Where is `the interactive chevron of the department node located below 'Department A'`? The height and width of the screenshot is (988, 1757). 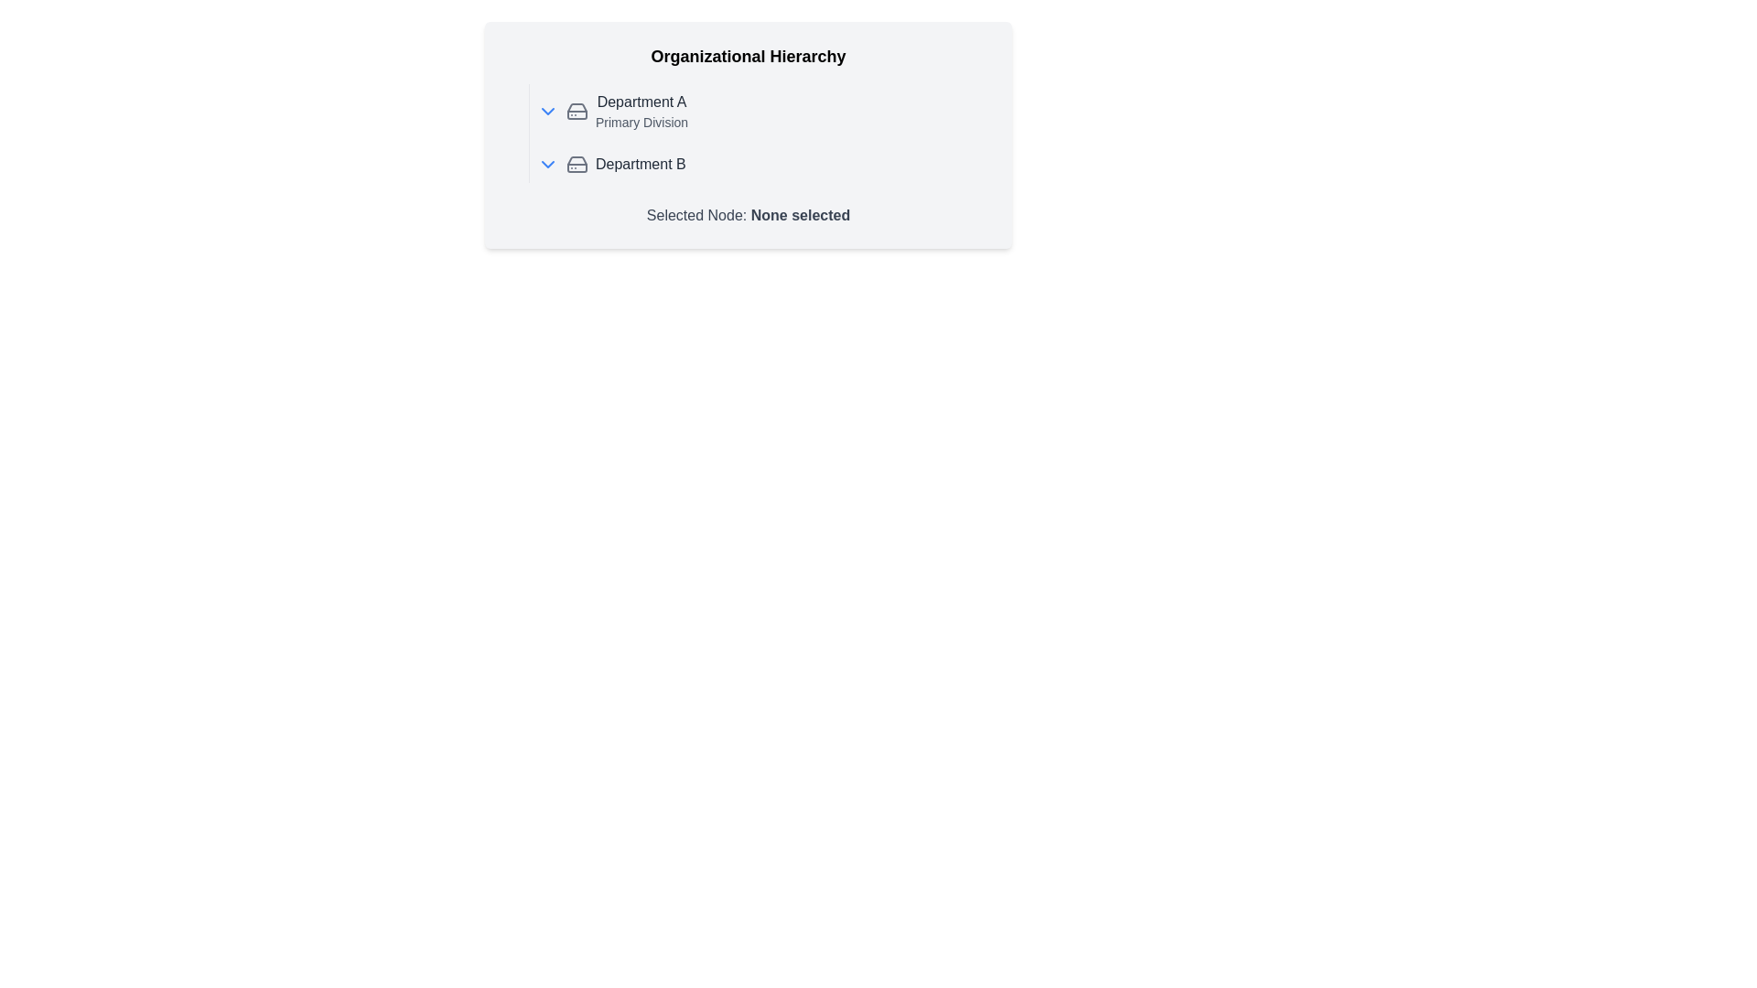 the interactive chevron of the department node located below 'Department A' is located at coordinates (760, 165).